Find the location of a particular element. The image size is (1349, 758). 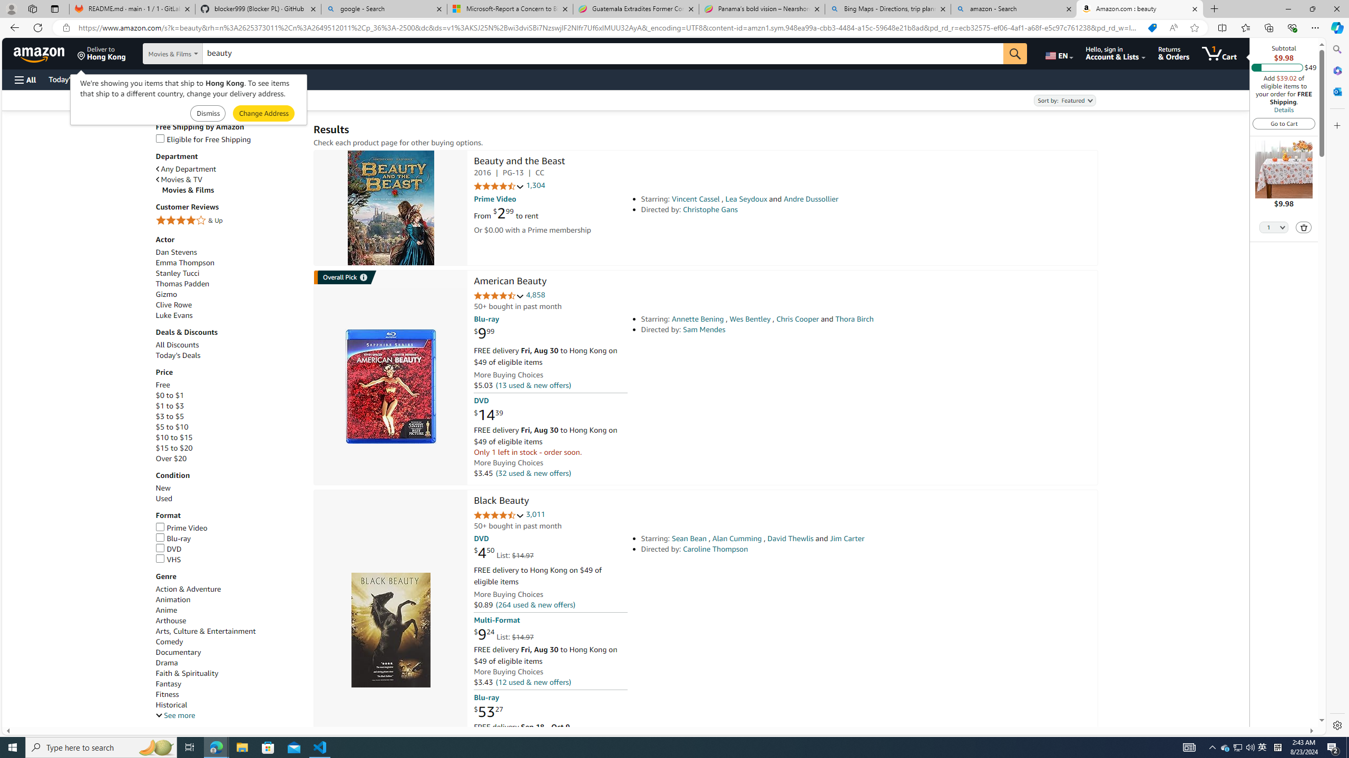

'Movies & Films' is located at coordinates (232, 189).